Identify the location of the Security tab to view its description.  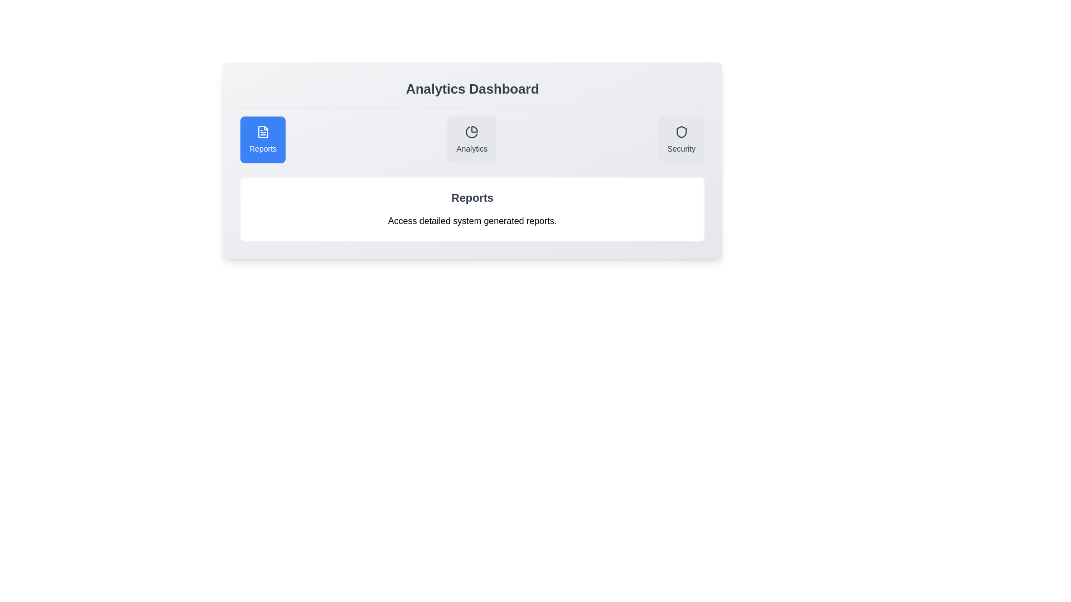
(681, 139).